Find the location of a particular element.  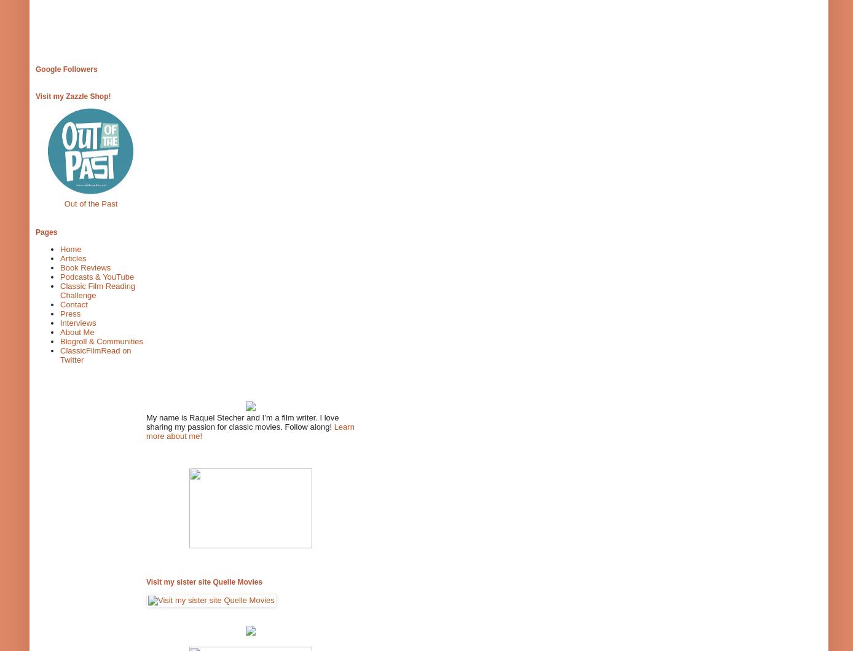

'Classic Film Reading Challenge' is located at coordinates (98, 290).